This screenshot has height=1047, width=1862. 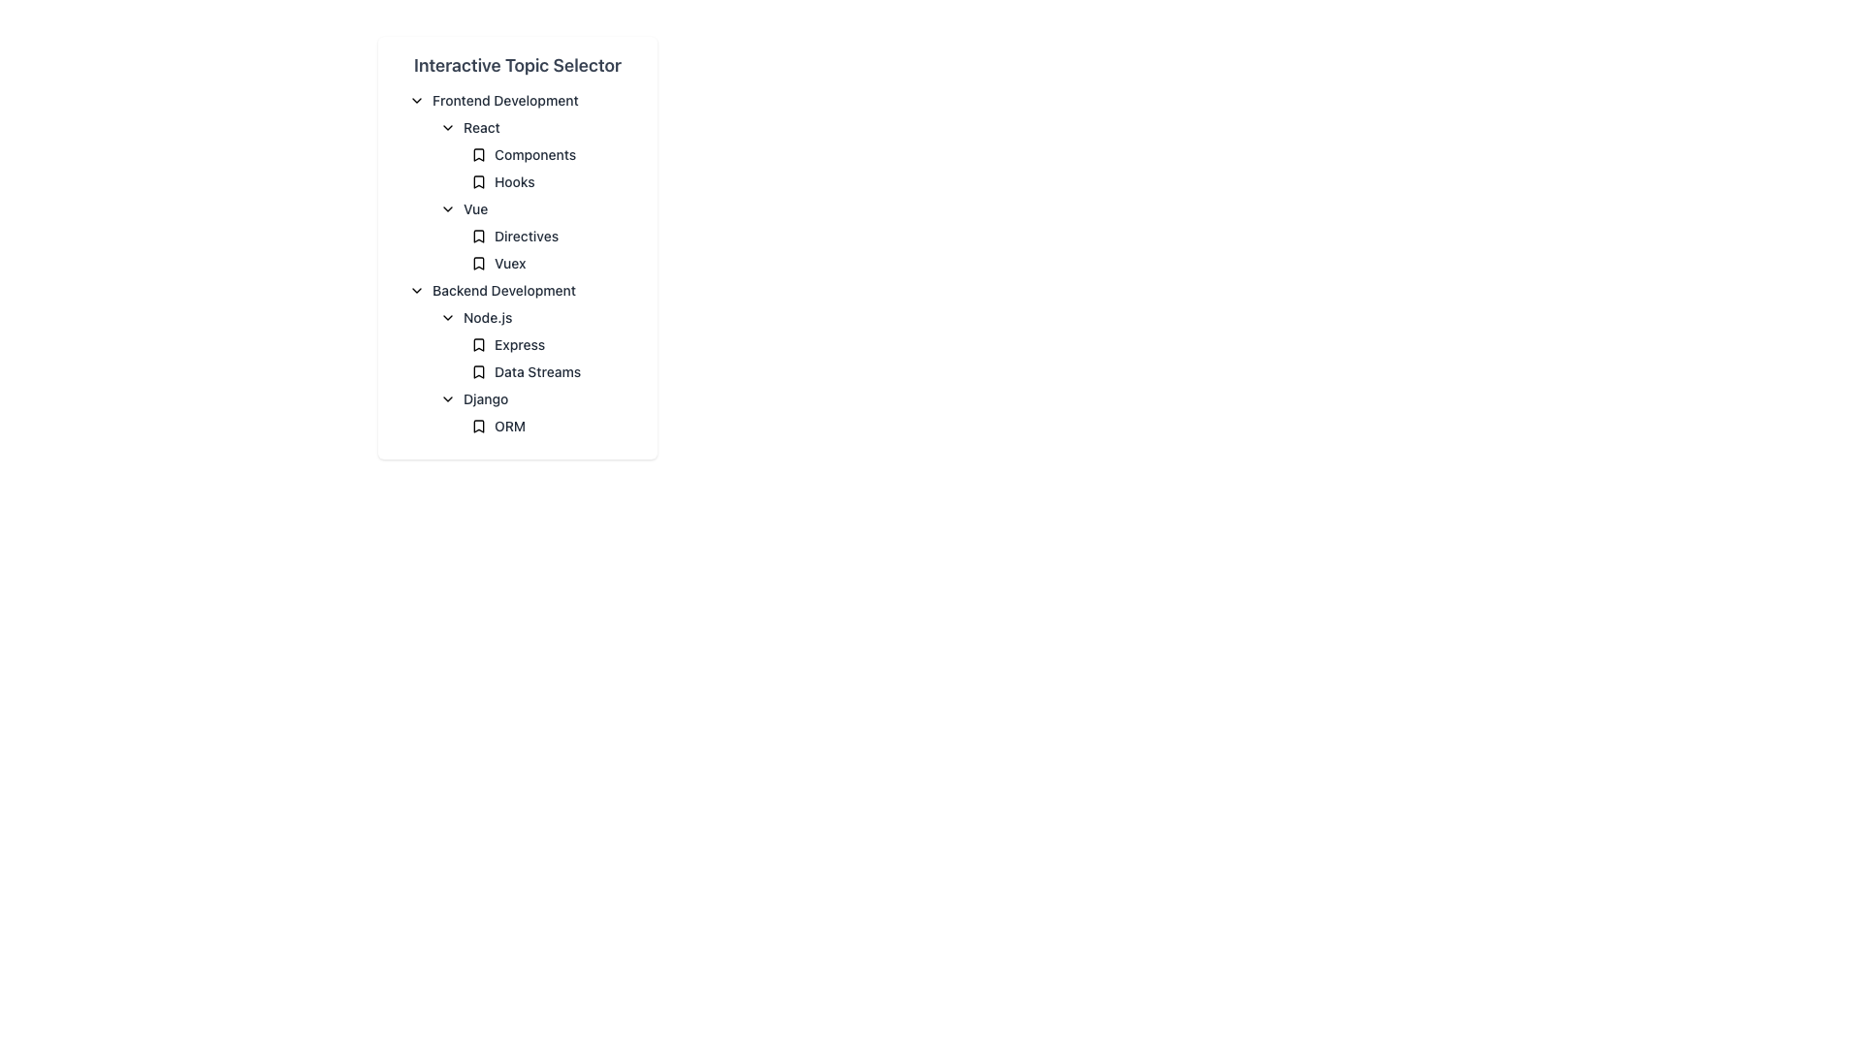 I want to click on the 'Express' menu item, which is the first item in the 'Node.js' subsection under 'Backend Development', so click(x=548, y=359).